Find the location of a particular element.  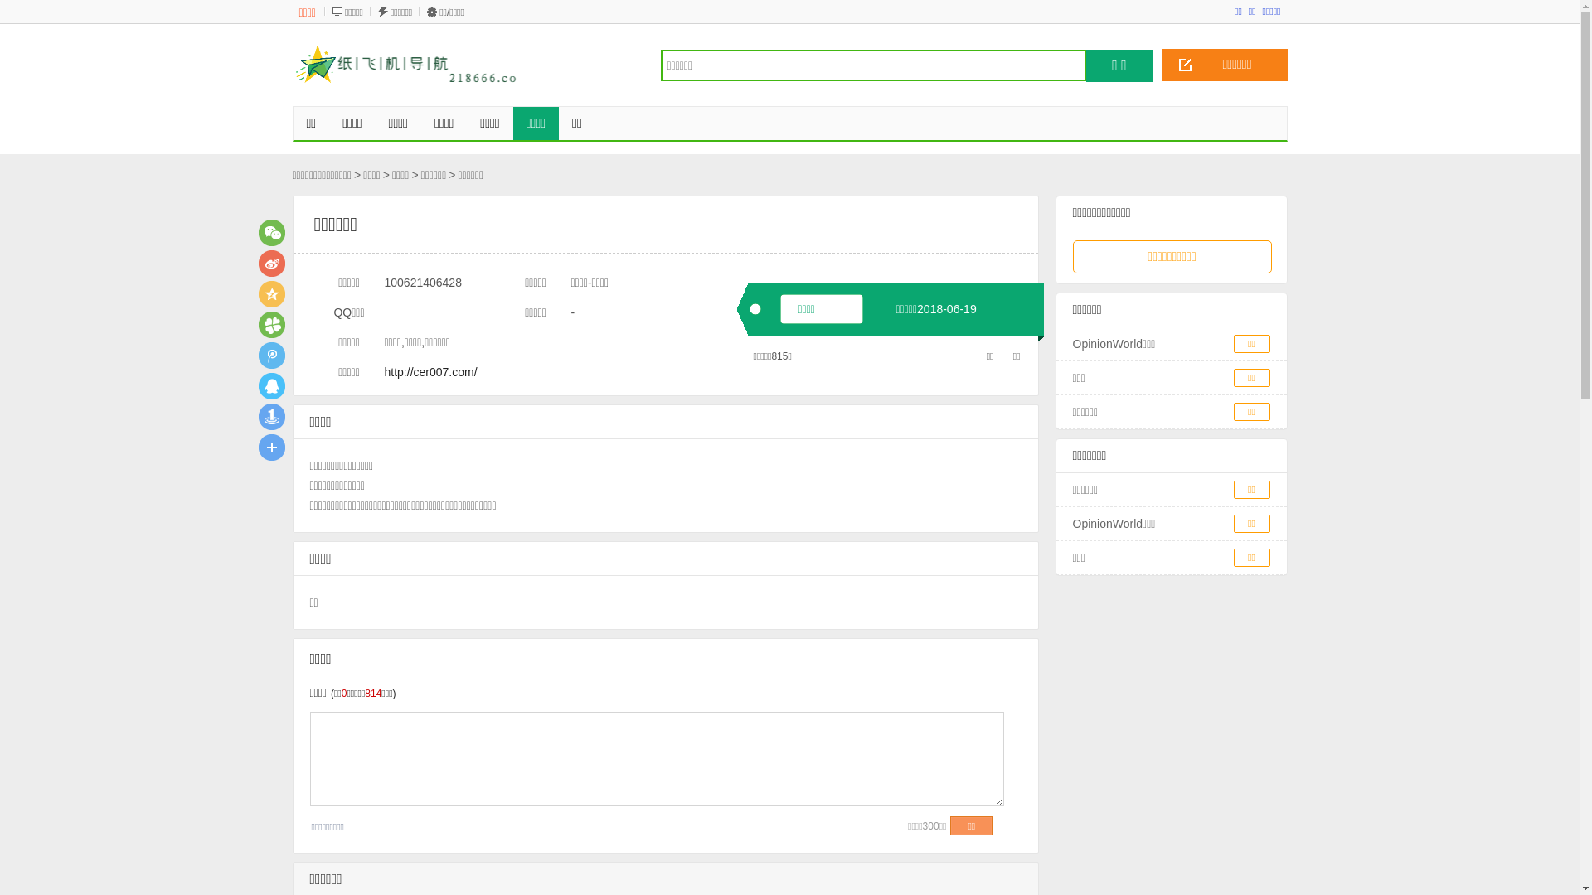

'http://cer007.com/' is located at coordinates (430, 370).